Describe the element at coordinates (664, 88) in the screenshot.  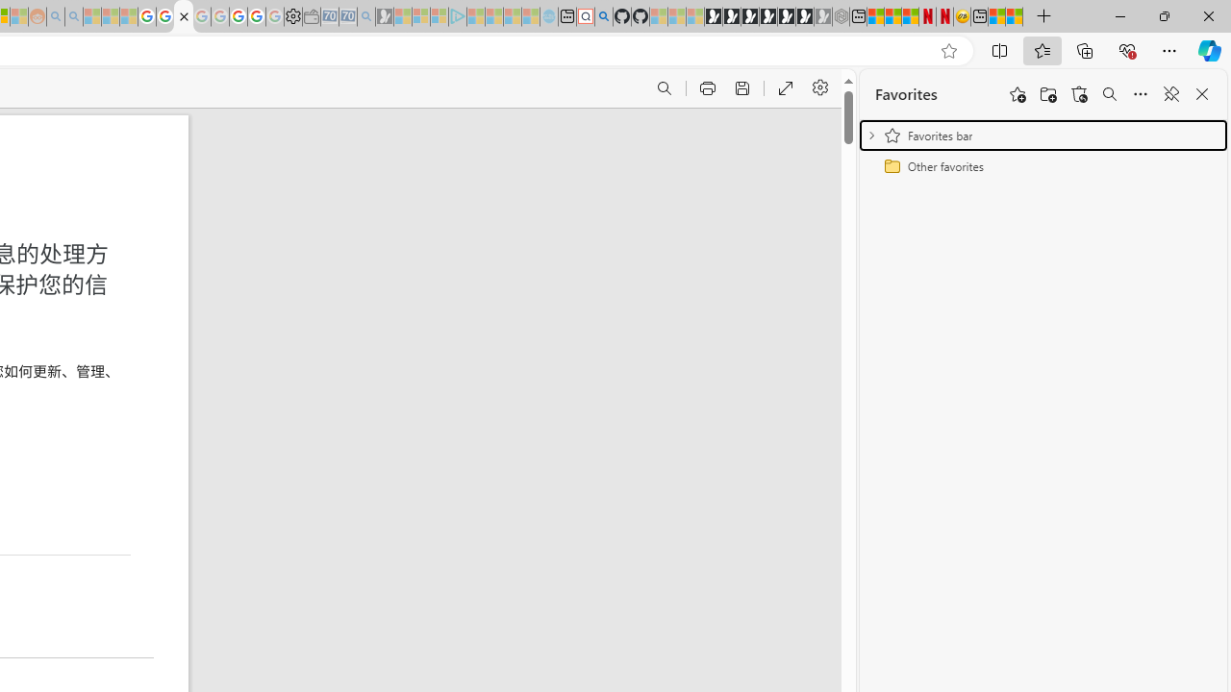
I see `'Find (Ctrl + F)'` at that location.